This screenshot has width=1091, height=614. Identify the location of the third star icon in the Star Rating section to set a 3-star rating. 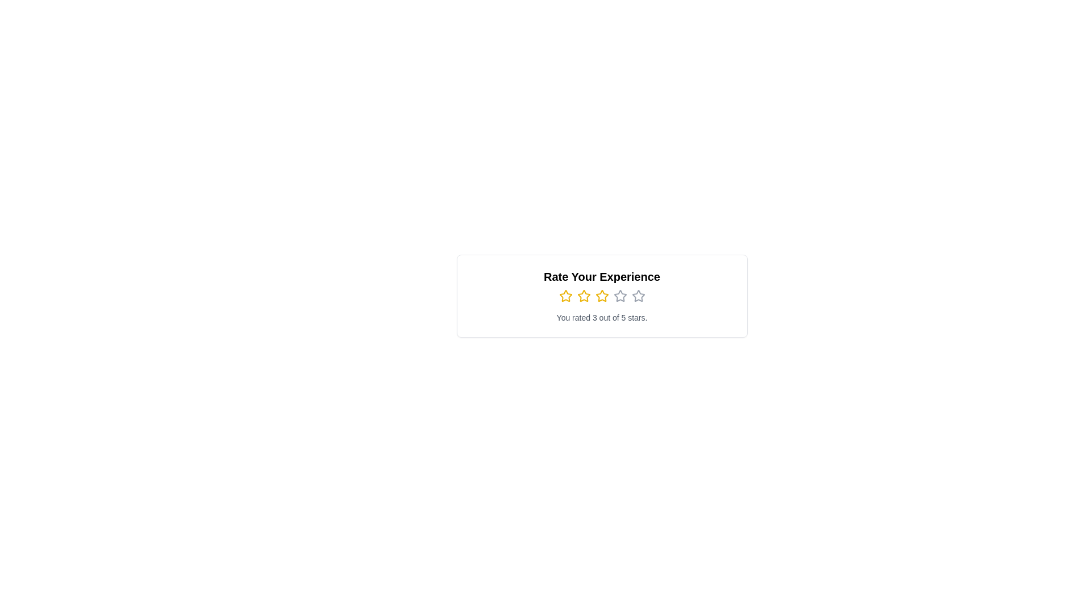
(619, 295).